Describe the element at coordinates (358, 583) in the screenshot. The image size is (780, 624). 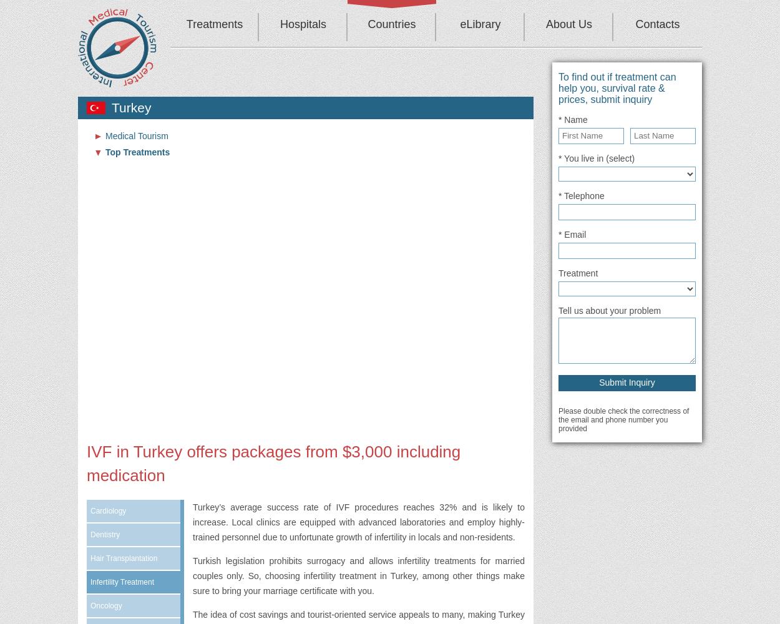
I see `', among other things make sure to bring your marriage certificate with you.'` at that location.